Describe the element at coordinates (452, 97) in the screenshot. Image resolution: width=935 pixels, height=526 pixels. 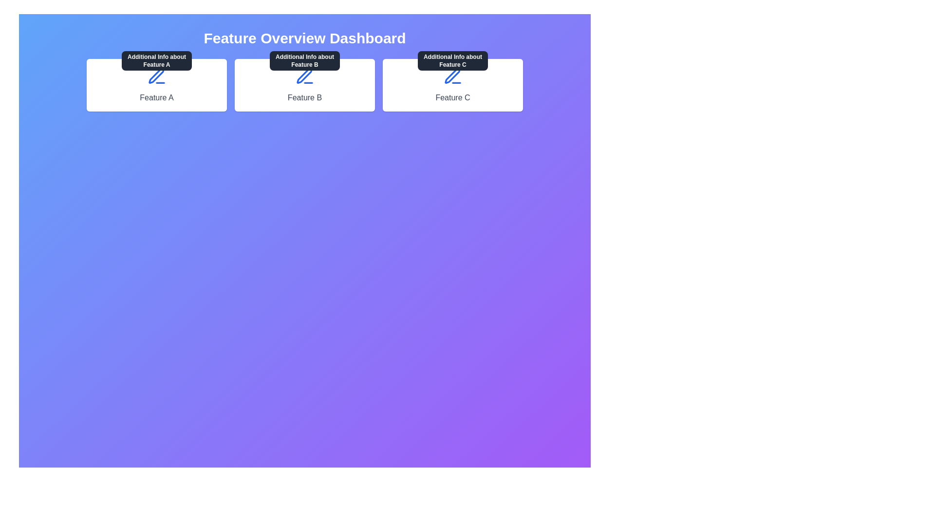
I see `the static text label reading 'Feature C', which is styled in gray font and positioned centrally beneath an icon within a white card` at that location.